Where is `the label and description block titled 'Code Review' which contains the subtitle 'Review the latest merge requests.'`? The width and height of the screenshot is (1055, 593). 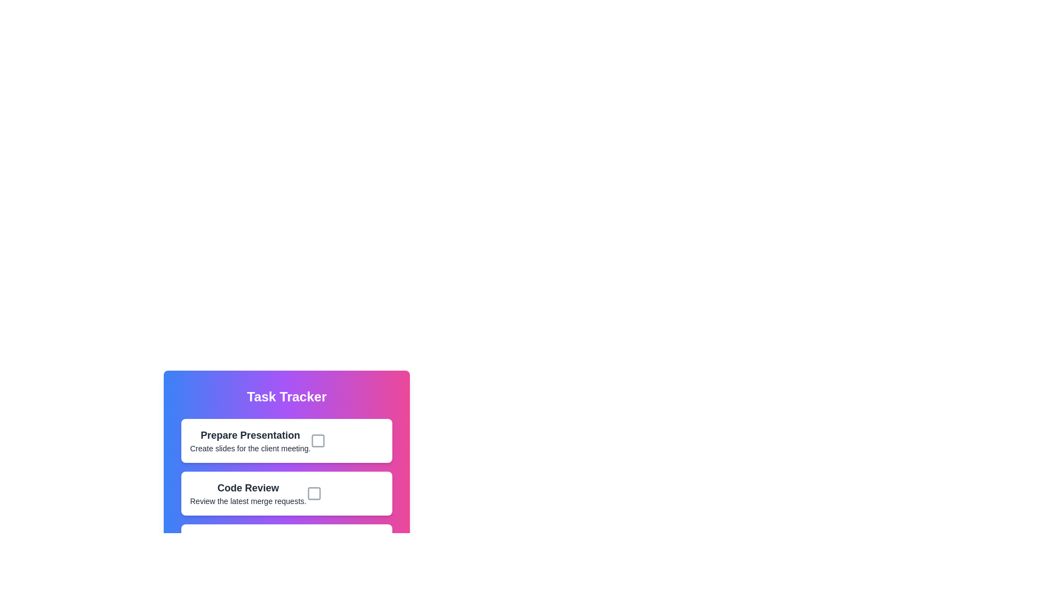
the label and description block titled 'Code Review' which contains the subtitle 'Review the latest merge requests.' is located at coordinates (247, 493).